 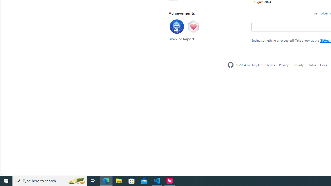 What do you see at coordinates (177, 27) in the screenshot?
I see `'Achievement: Pull Shark'` at bounding box center [177, 27].